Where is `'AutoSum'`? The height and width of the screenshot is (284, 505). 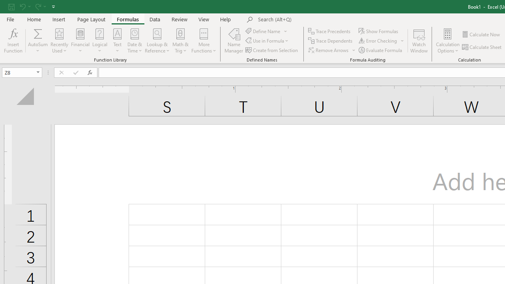 'AutoSum' is located at coordinates (37, 41).